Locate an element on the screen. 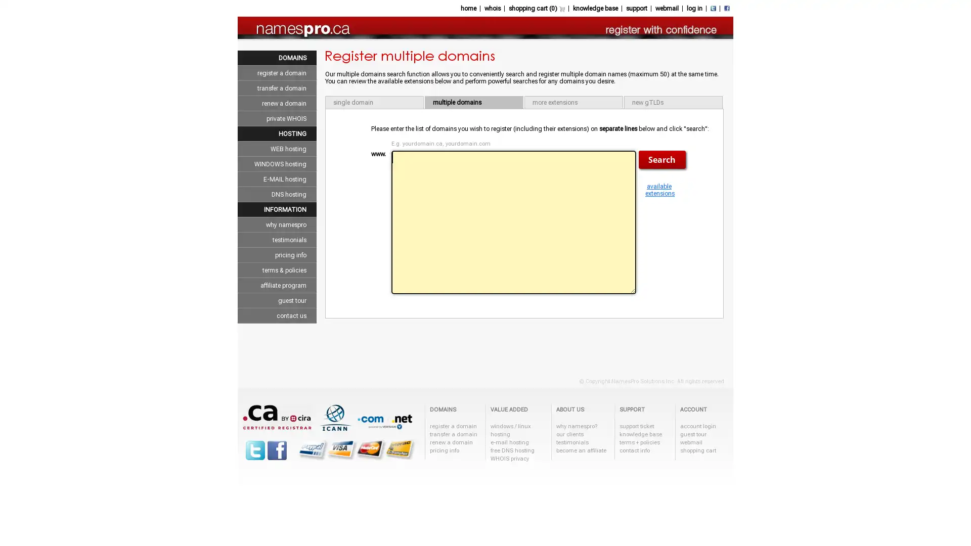  Search now! is located at coordinates (663, 160).